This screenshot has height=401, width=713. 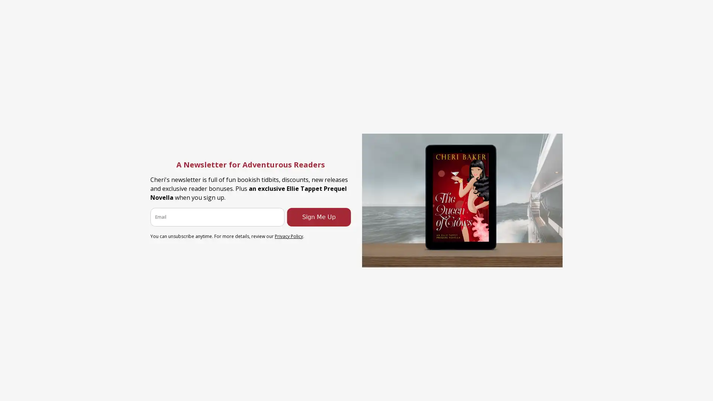 I want to click on Sign Me Up, so click(x=319, y=216).